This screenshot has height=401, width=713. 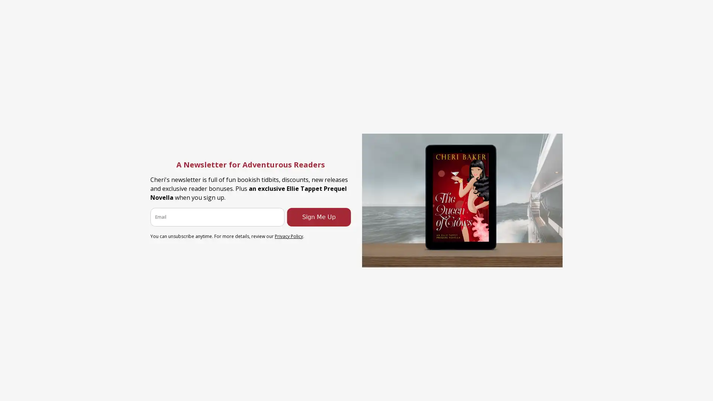 I want to click on Sign Me Up, so click(x=319, y=216).